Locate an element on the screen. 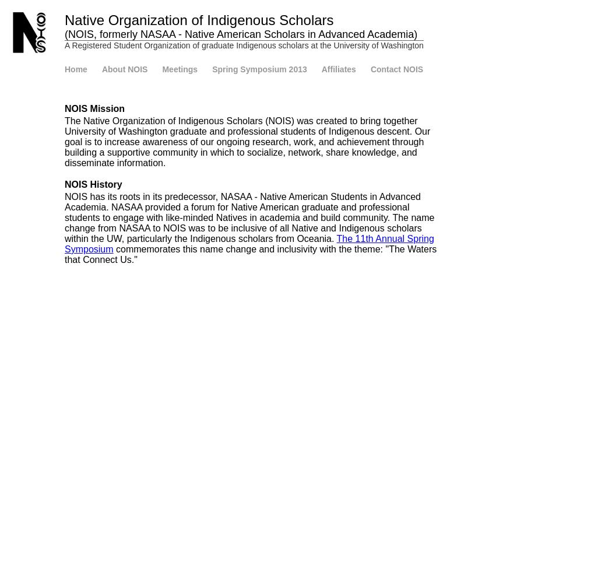  'Spring Symposium 2013' is located at coordinates (259, 69).